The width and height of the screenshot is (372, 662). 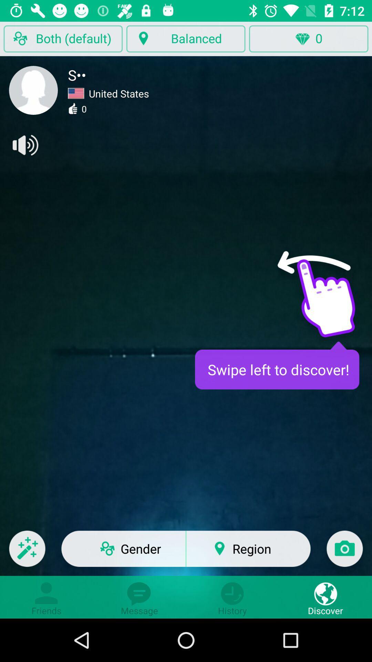 I want to click on drawing tools, so click(x=27, y=553).